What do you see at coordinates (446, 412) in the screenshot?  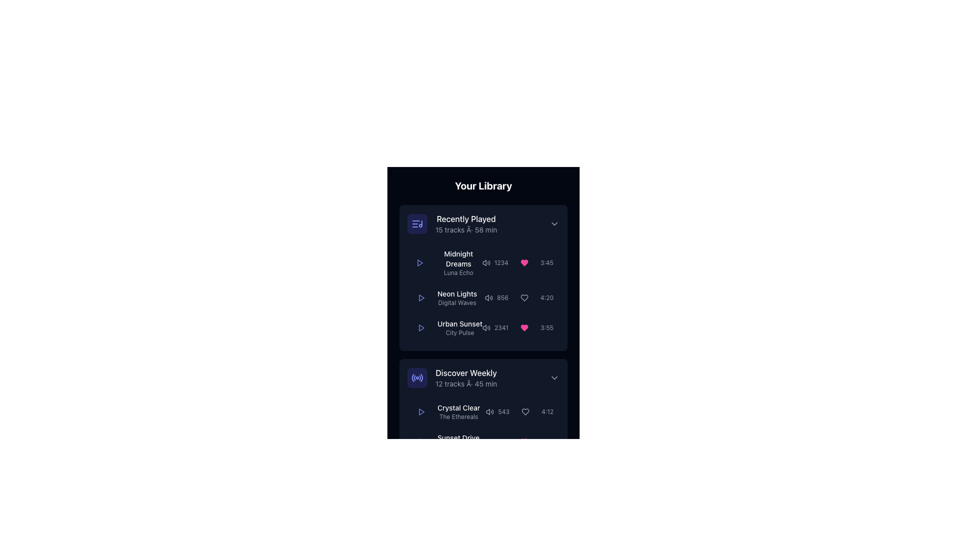 I see `the 'Crystal Clear' track item in the 'Discover Weekly' section` at bounding box center [446, 412].